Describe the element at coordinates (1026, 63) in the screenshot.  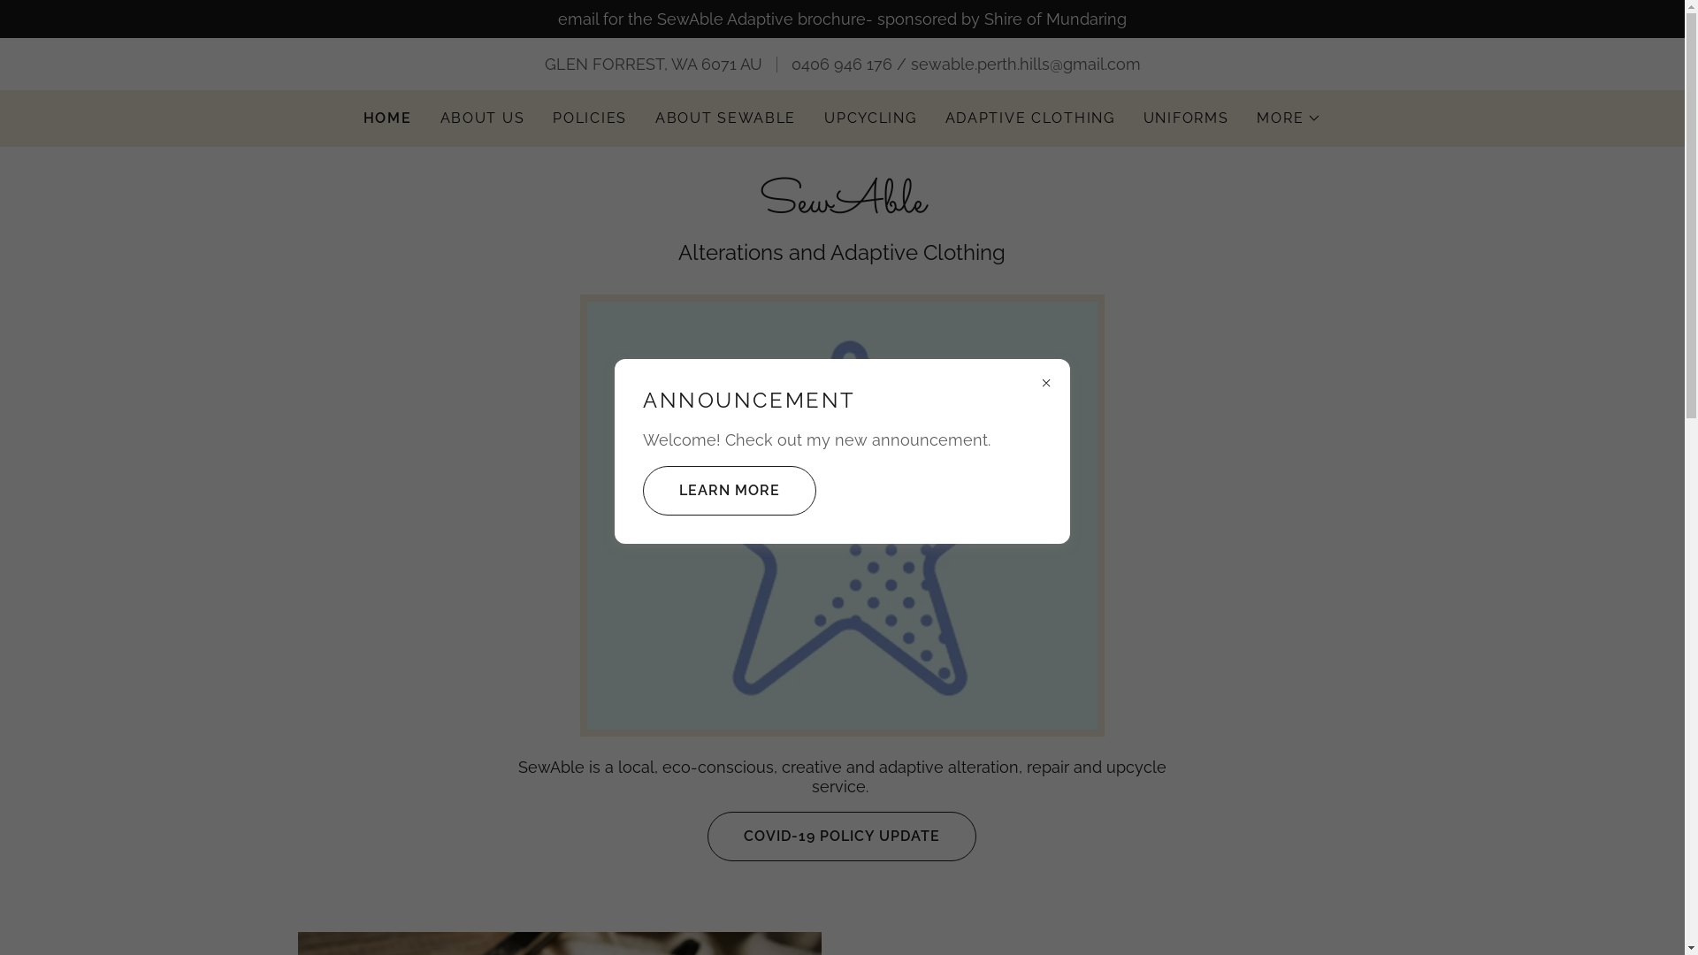
I see `'sewable.perth.hills@gmail.com'` at that location.